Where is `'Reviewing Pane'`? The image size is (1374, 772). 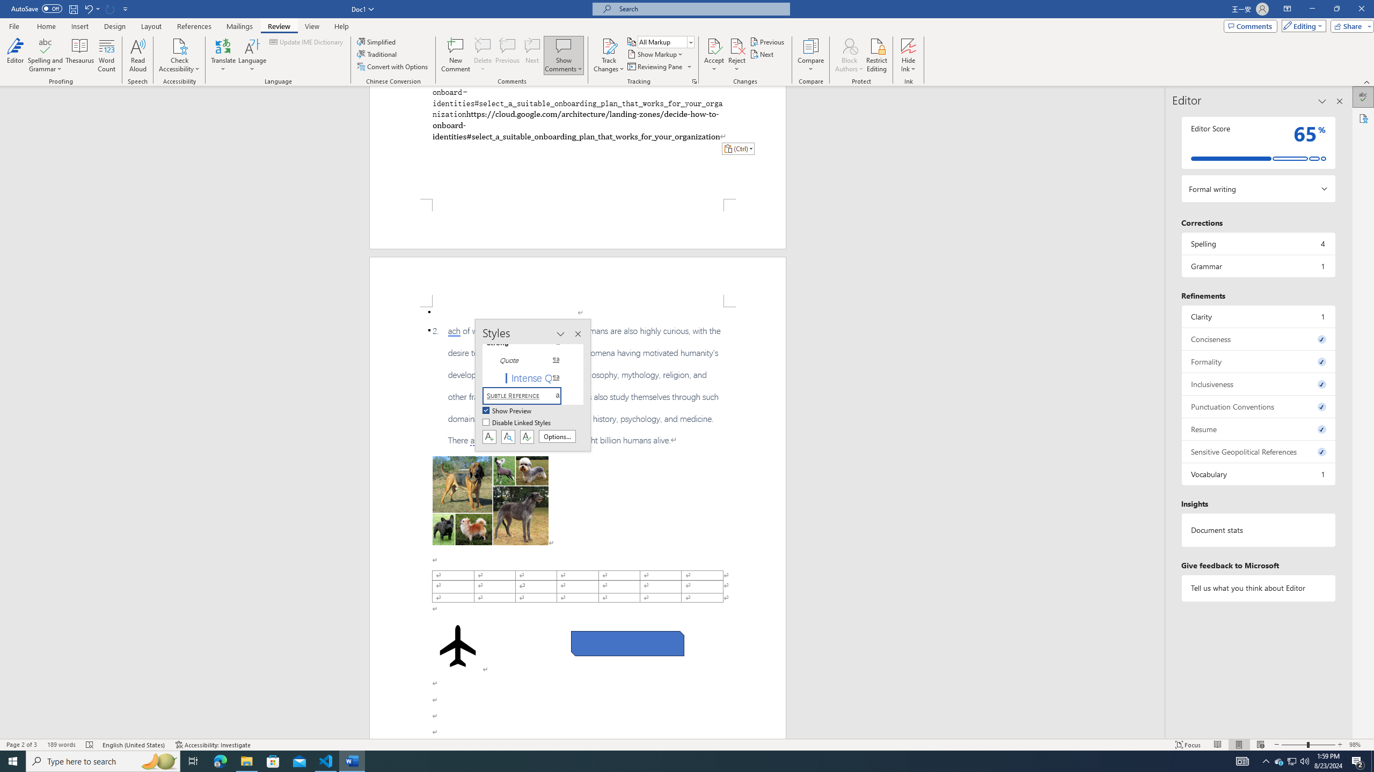
'Reviewing Pane' is located at coordinates (659, 65).